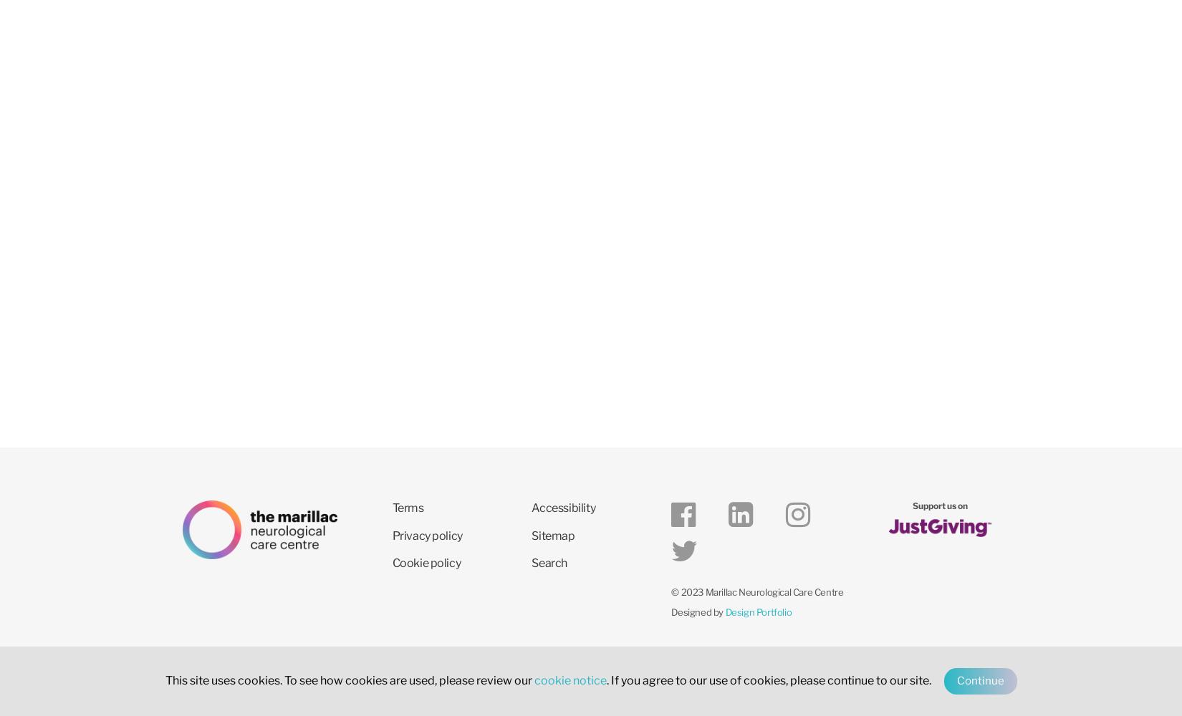 The width and height of the screenshot is (1182, 716). What do you see at coordinates (758, 611) in the screenshot?
I see `'Design Portfolio'` at bounding box center [758, 611].